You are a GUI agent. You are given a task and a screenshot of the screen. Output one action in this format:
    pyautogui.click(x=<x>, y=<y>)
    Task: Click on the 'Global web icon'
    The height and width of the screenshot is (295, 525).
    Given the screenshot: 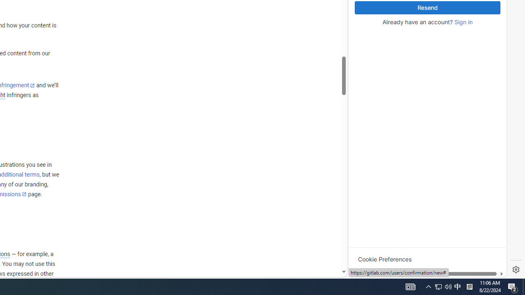 What is the action you would take?
    pyautogui.click(x=364, y=165)
    